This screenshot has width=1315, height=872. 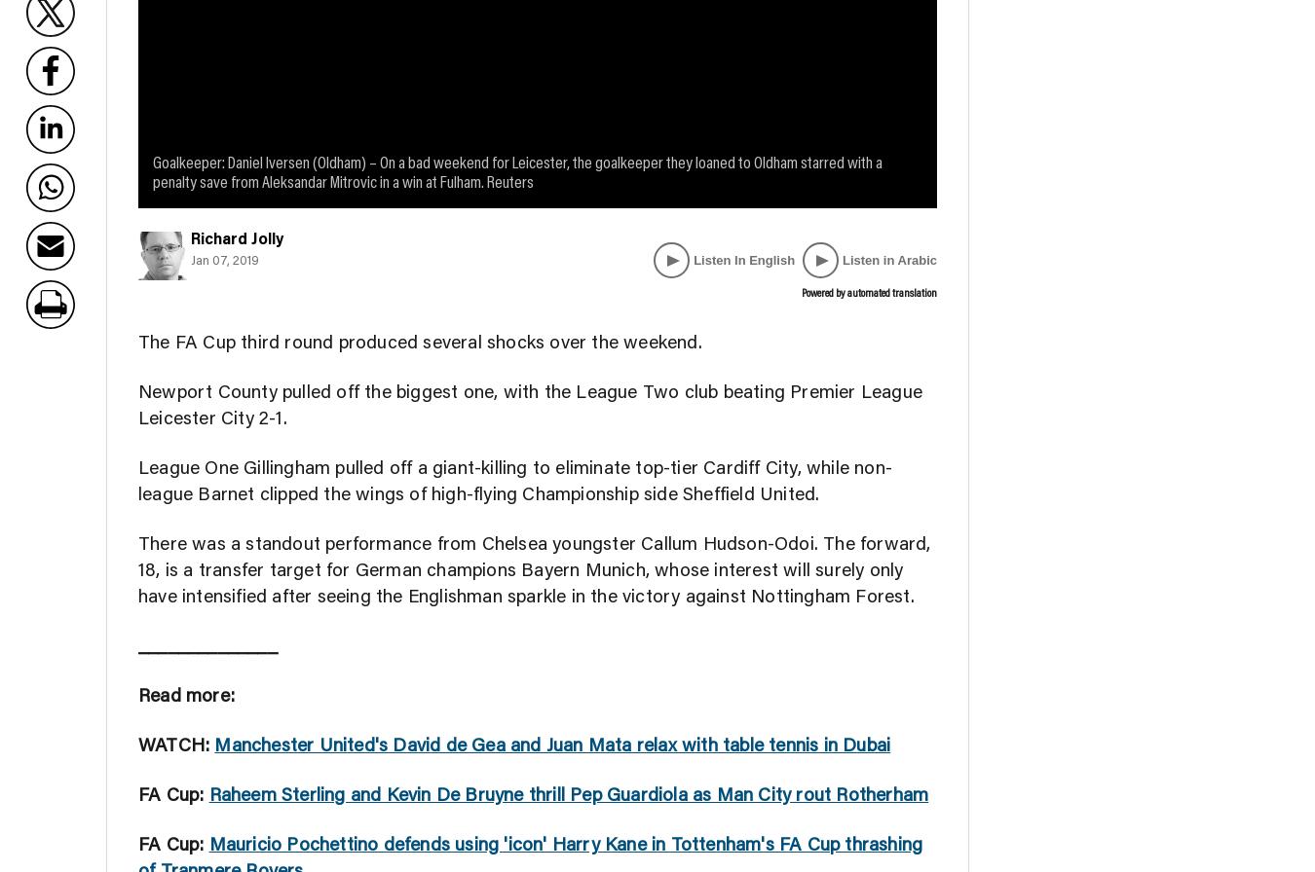 What do you see at coordinates (713, 54) in the screenshot?
I see `'Things to do'` at bounding box center [713, 54].